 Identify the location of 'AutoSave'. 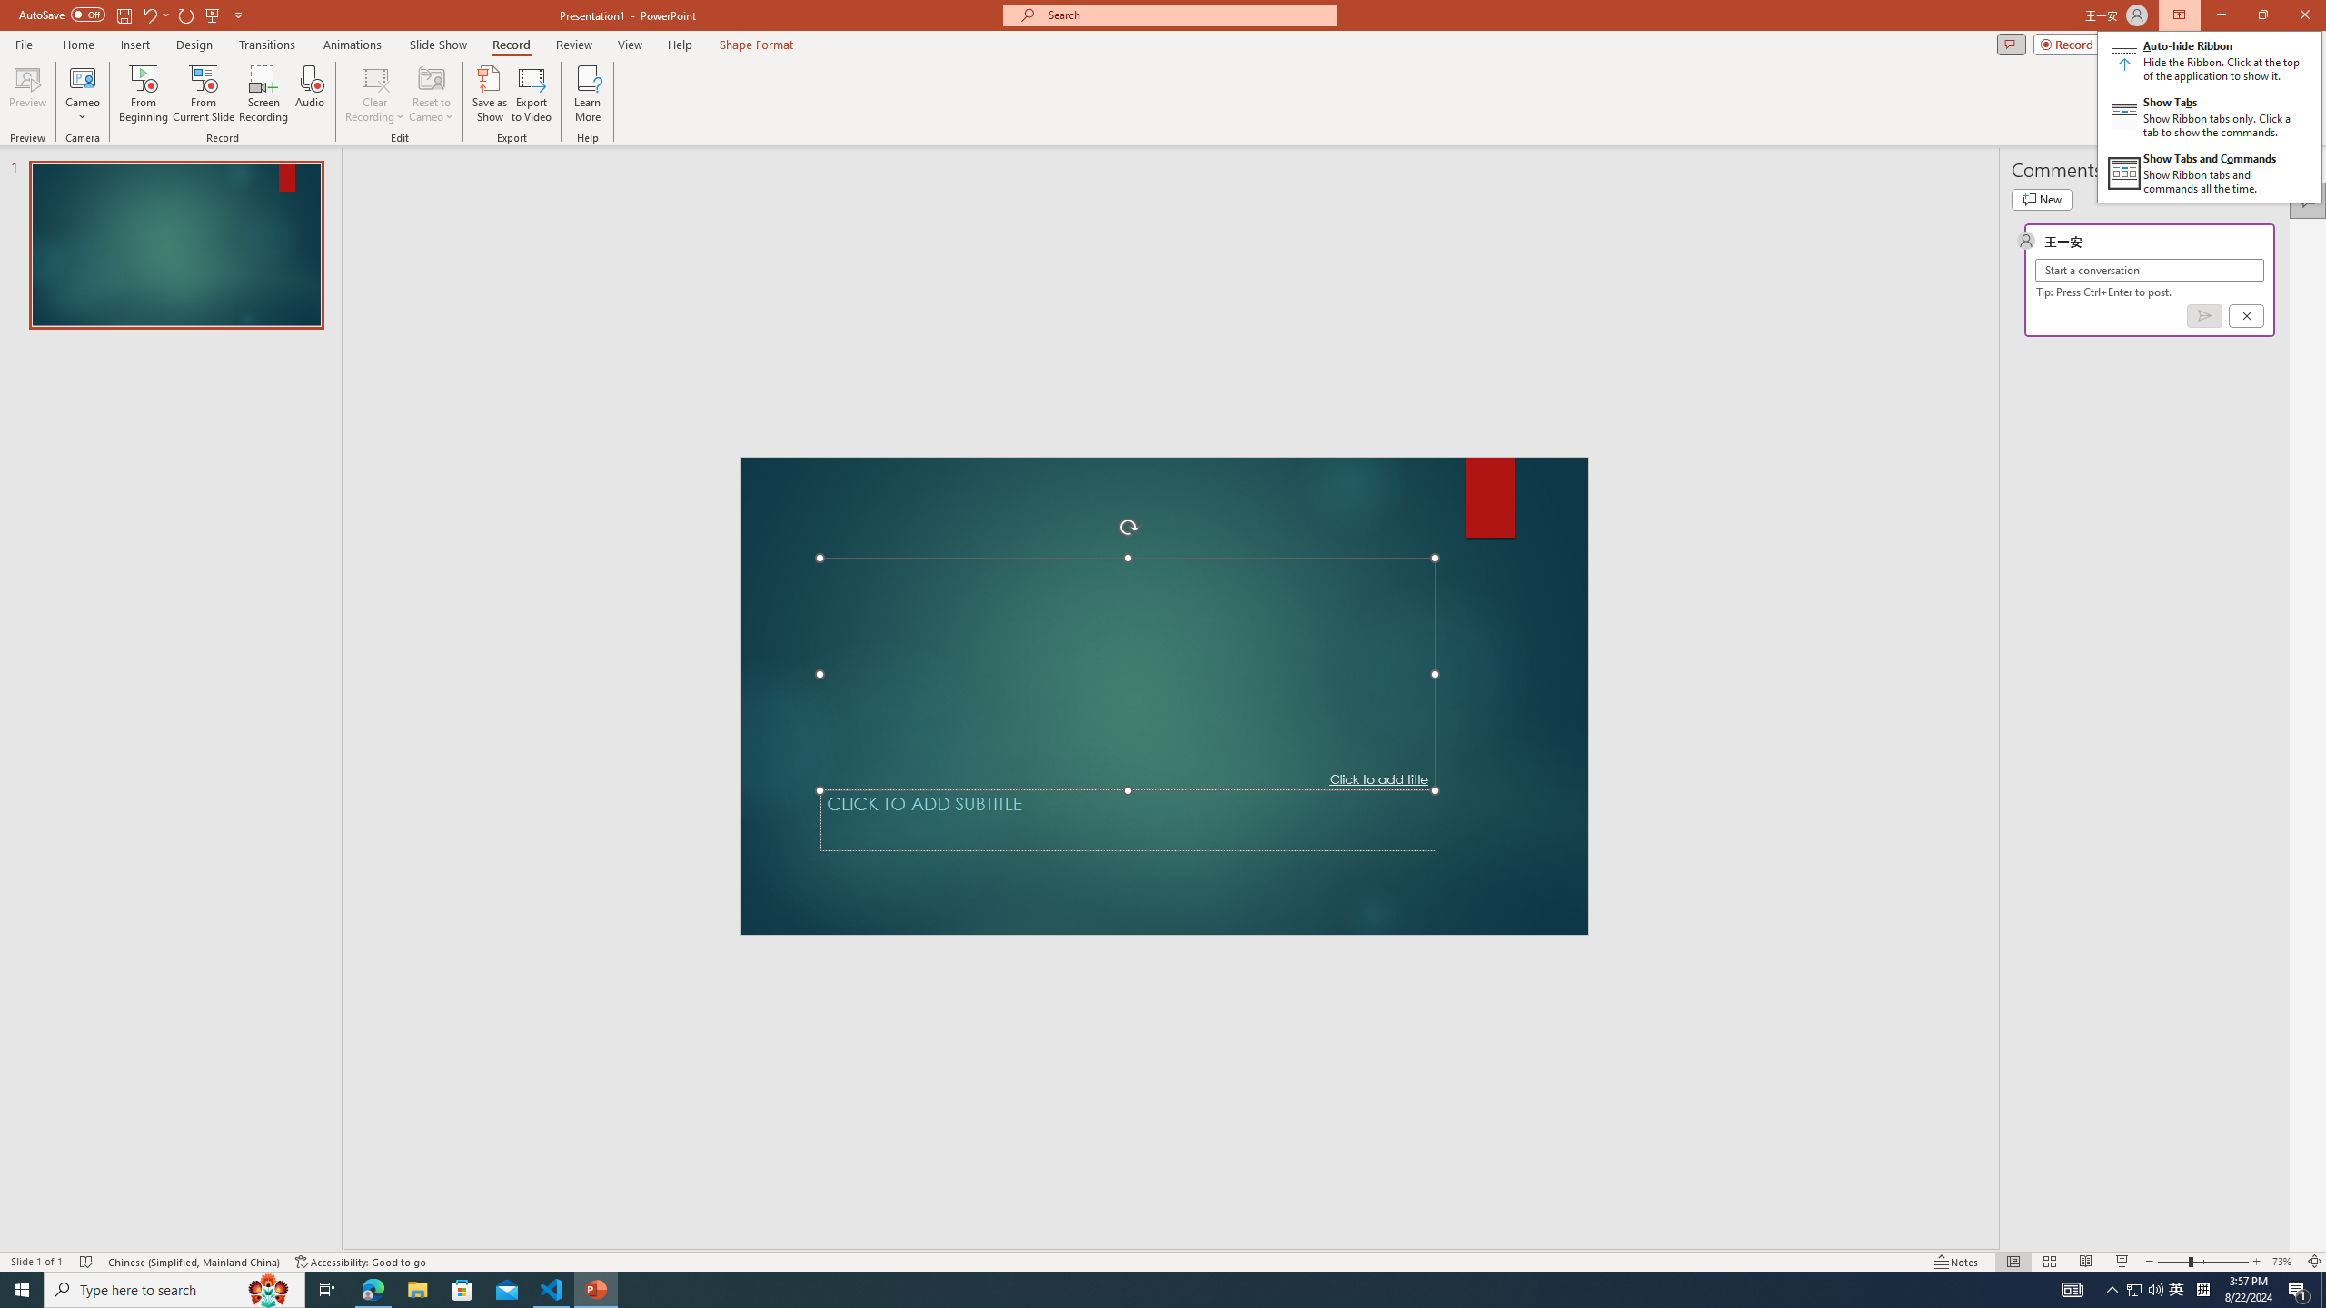
(63, 14).